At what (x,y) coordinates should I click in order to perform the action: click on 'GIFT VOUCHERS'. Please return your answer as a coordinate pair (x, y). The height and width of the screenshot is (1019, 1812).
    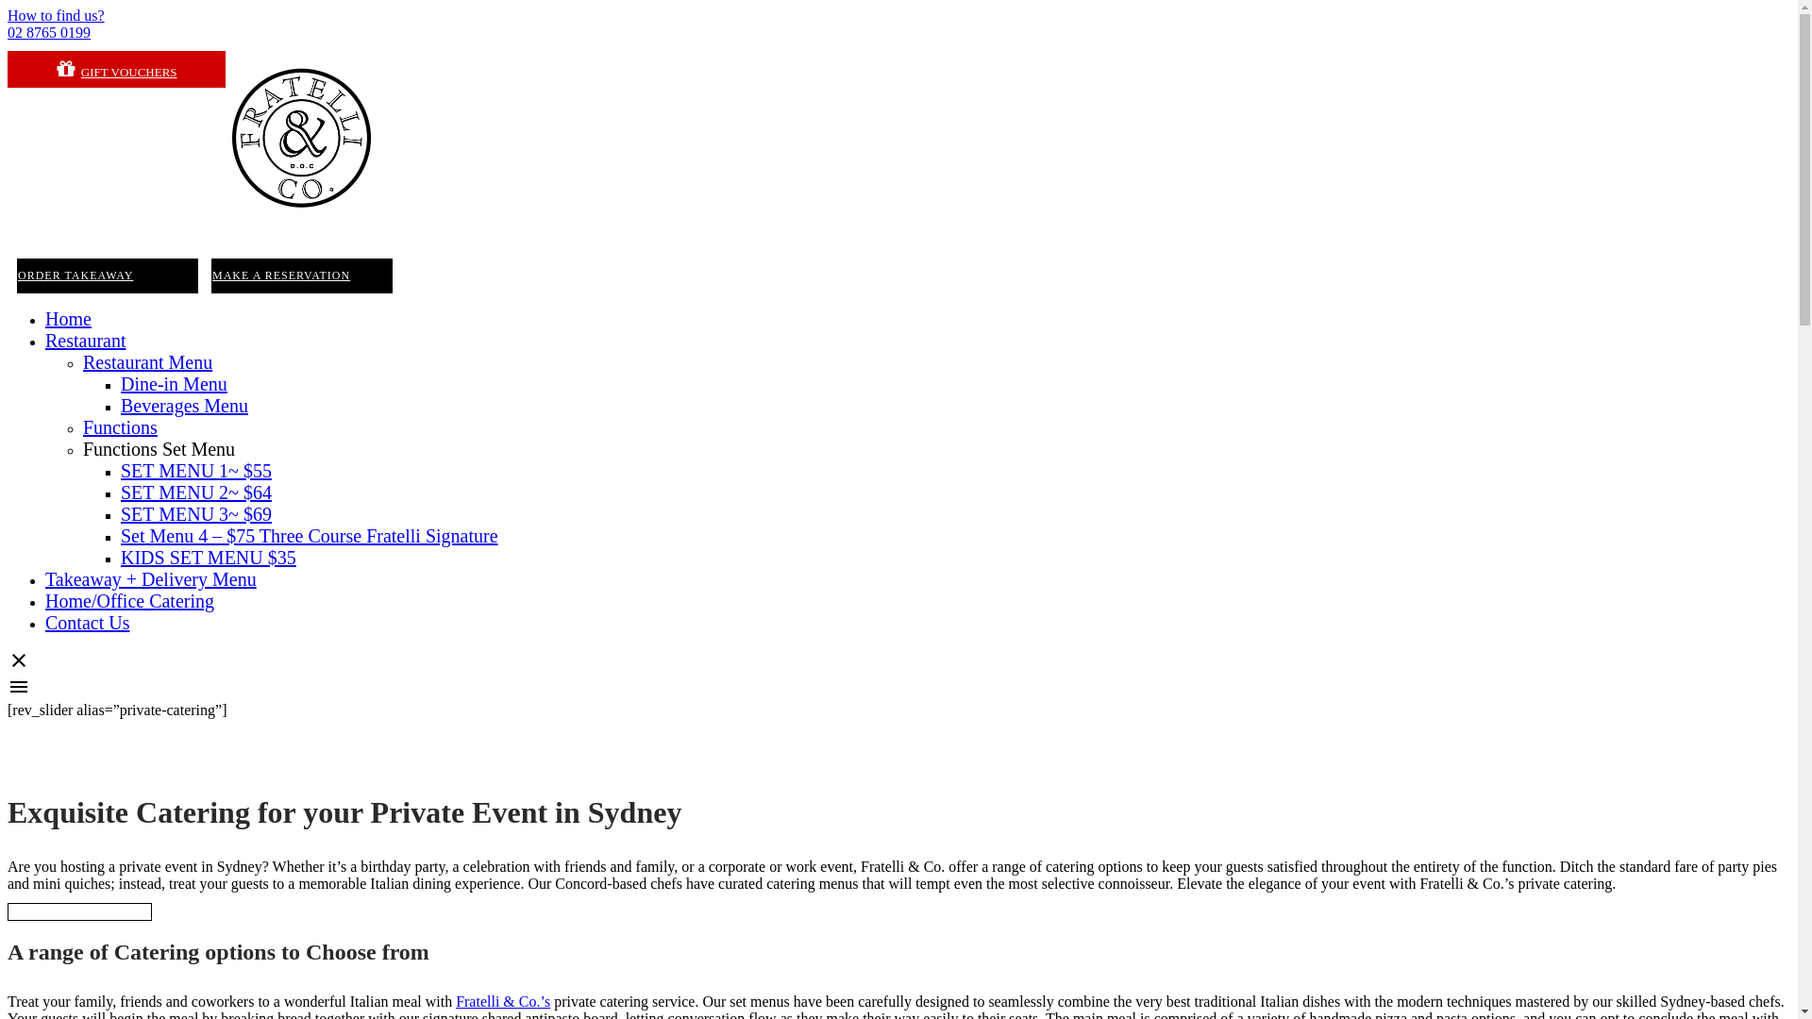
    Looking at the image, I should click on (115, 68).